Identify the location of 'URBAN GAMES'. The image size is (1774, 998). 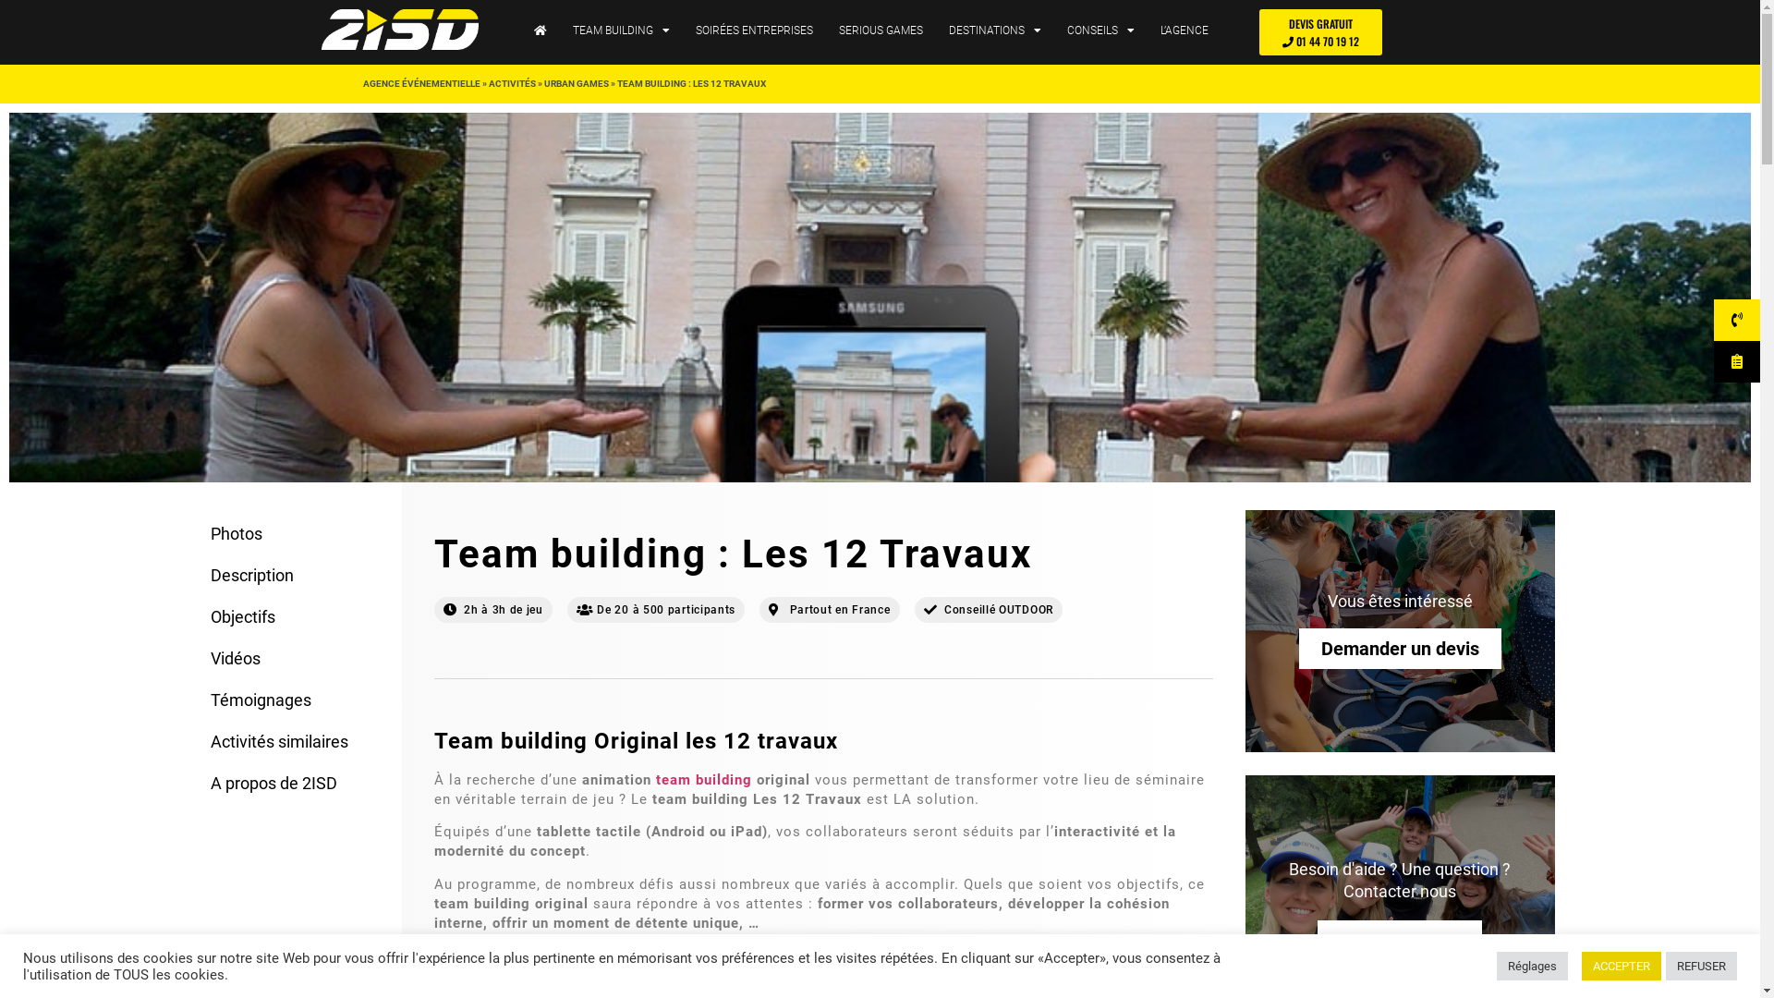
(575, 83).